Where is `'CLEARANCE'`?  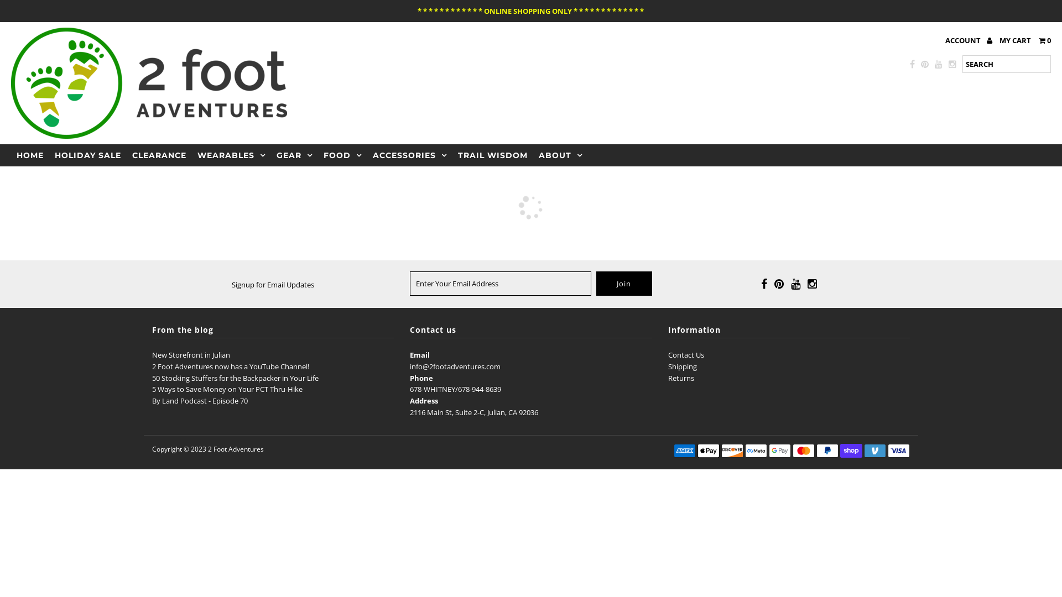 'CLEARANCE' is located at coordinates (159, 155).